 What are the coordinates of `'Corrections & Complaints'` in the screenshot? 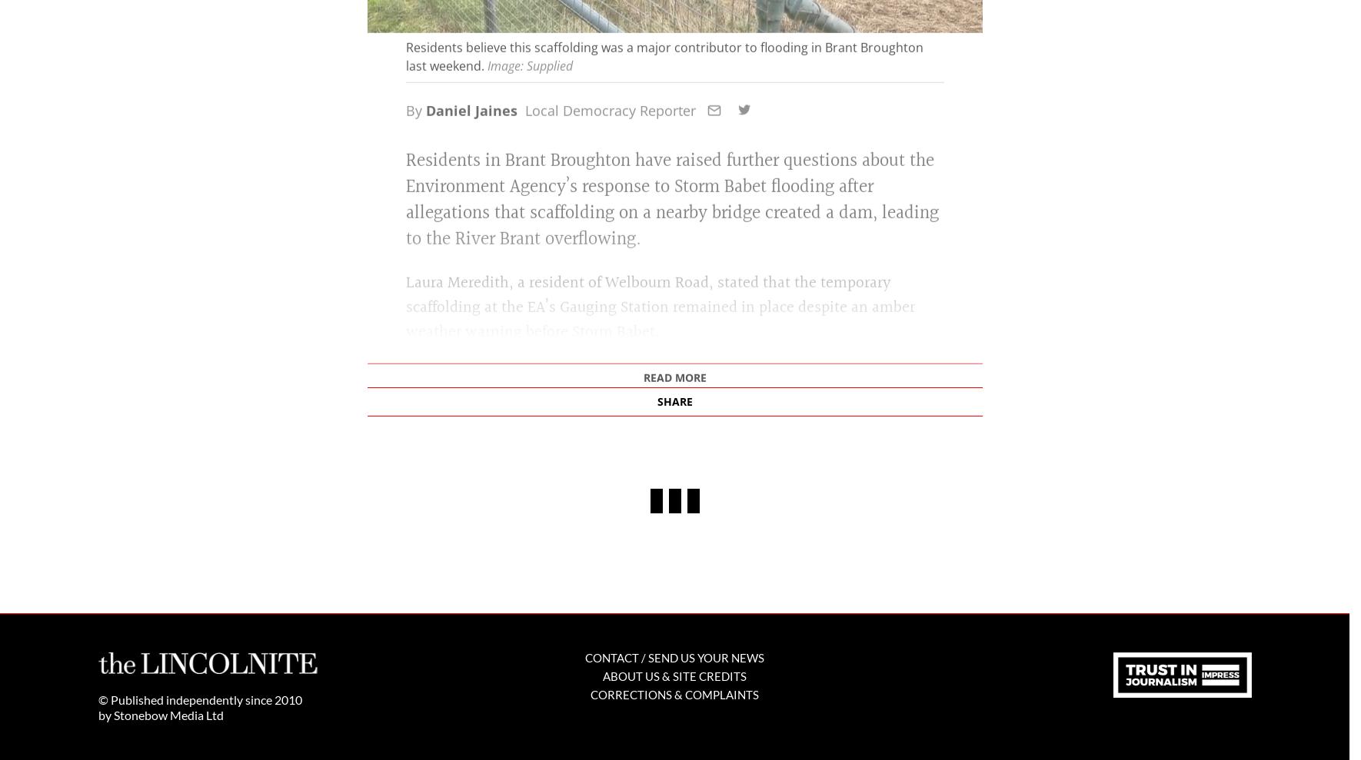 It's located at (674, 702).